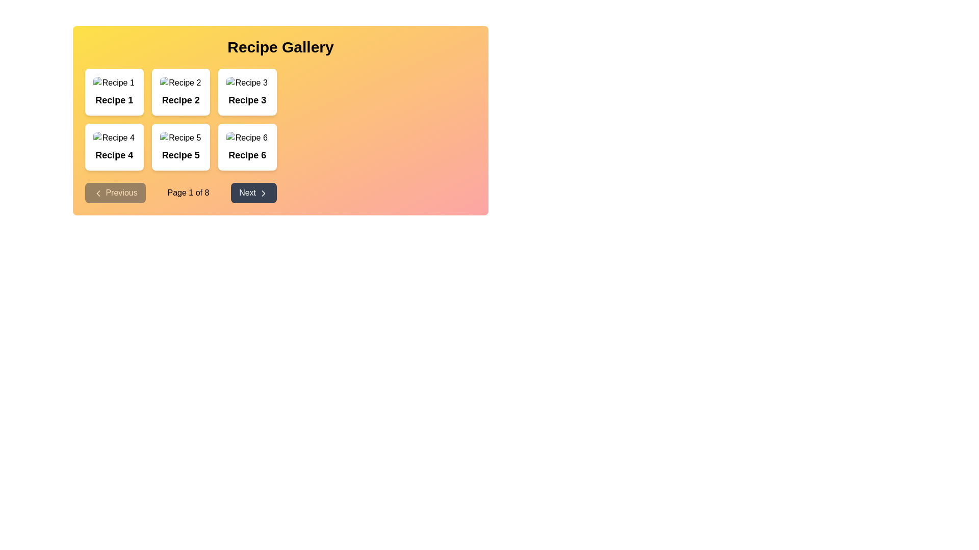 The height and width of the screenshot is (550, 979). What do you see at coordinates (98, 193) in the screenshot?
I see `the backward navigation icon, which is part of the 'Previous' button located at the bottom-left of the interface` at bounding box center [98, 193].